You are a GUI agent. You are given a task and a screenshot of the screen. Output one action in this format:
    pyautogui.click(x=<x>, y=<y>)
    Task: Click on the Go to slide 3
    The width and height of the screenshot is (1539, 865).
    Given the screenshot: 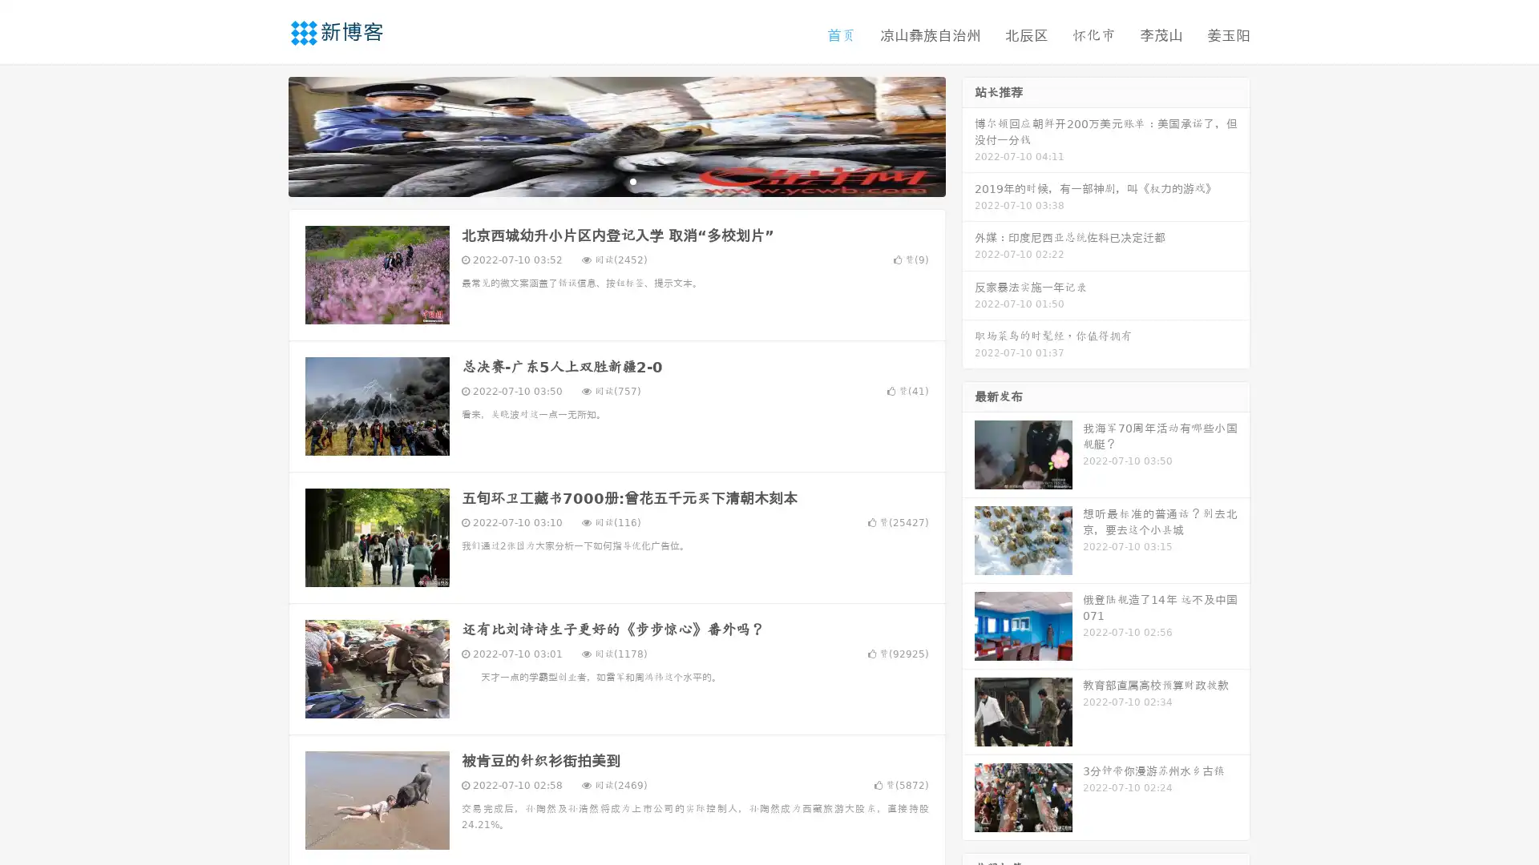 What is the action you would take?
    pyautogui.click(x=632, y=180)
    